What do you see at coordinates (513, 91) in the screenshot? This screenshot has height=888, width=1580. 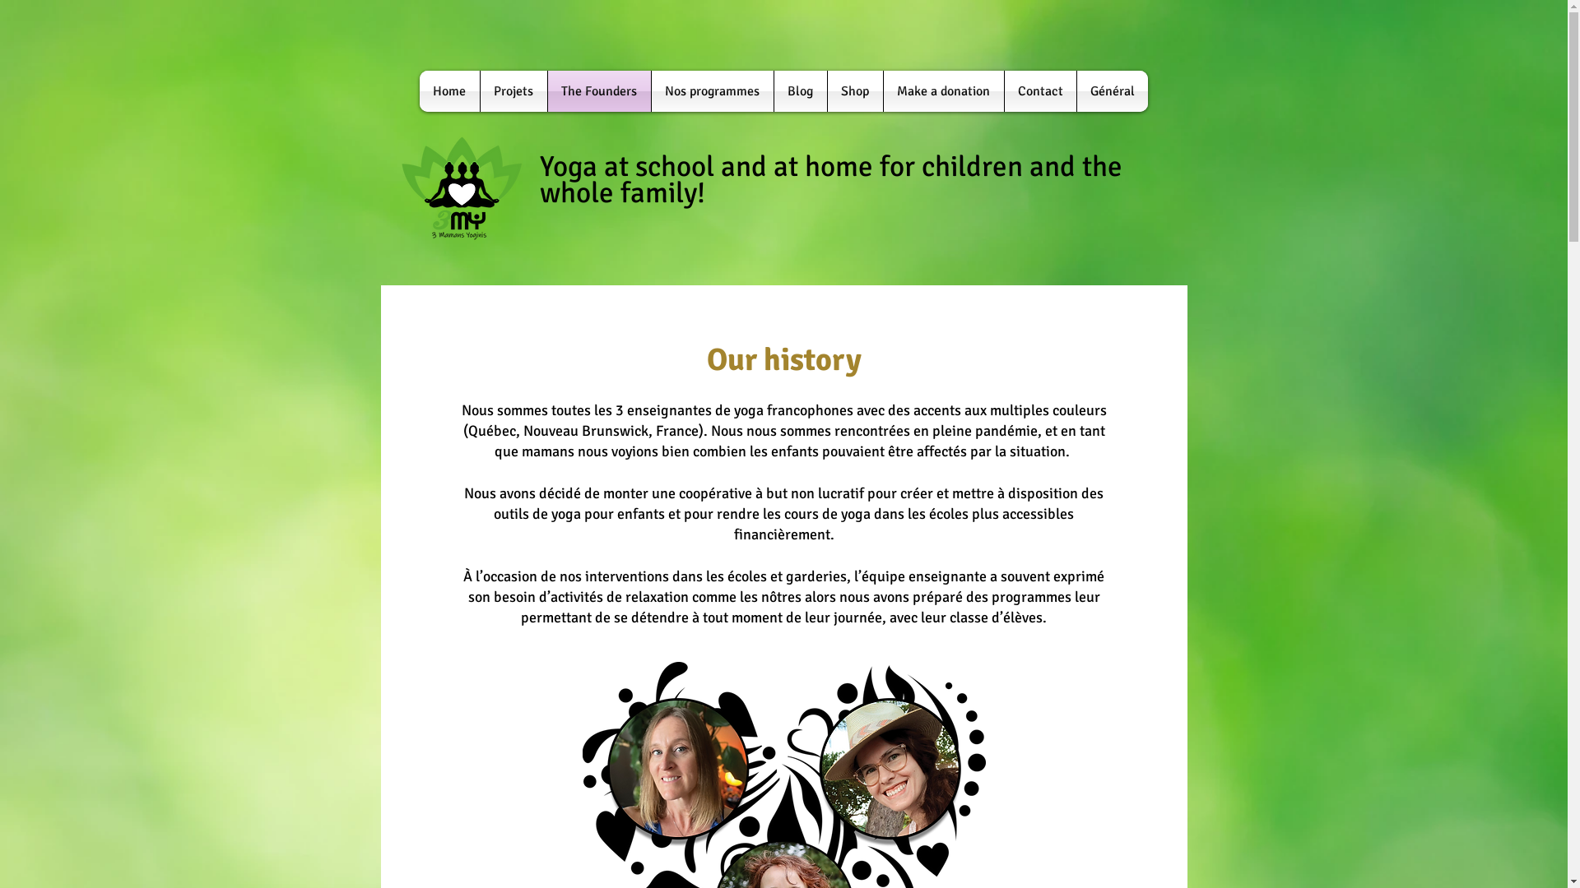 I see `'Projets'` at bounding box center [513, 91].